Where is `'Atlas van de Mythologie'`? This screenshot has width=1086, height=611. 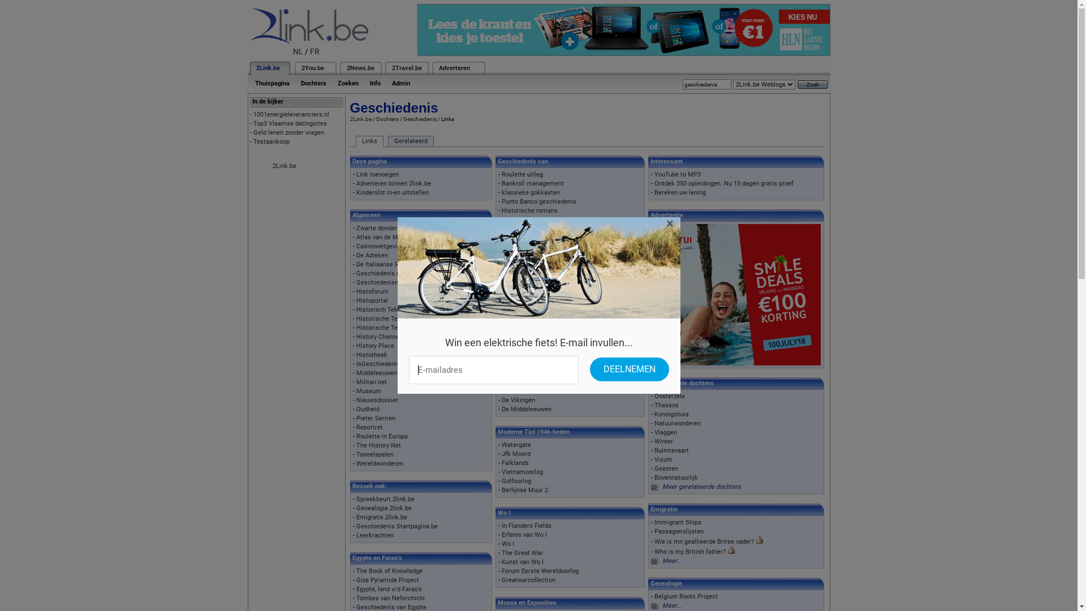 'Atlas van de Mythologie' is located at coordinates (390, 236).